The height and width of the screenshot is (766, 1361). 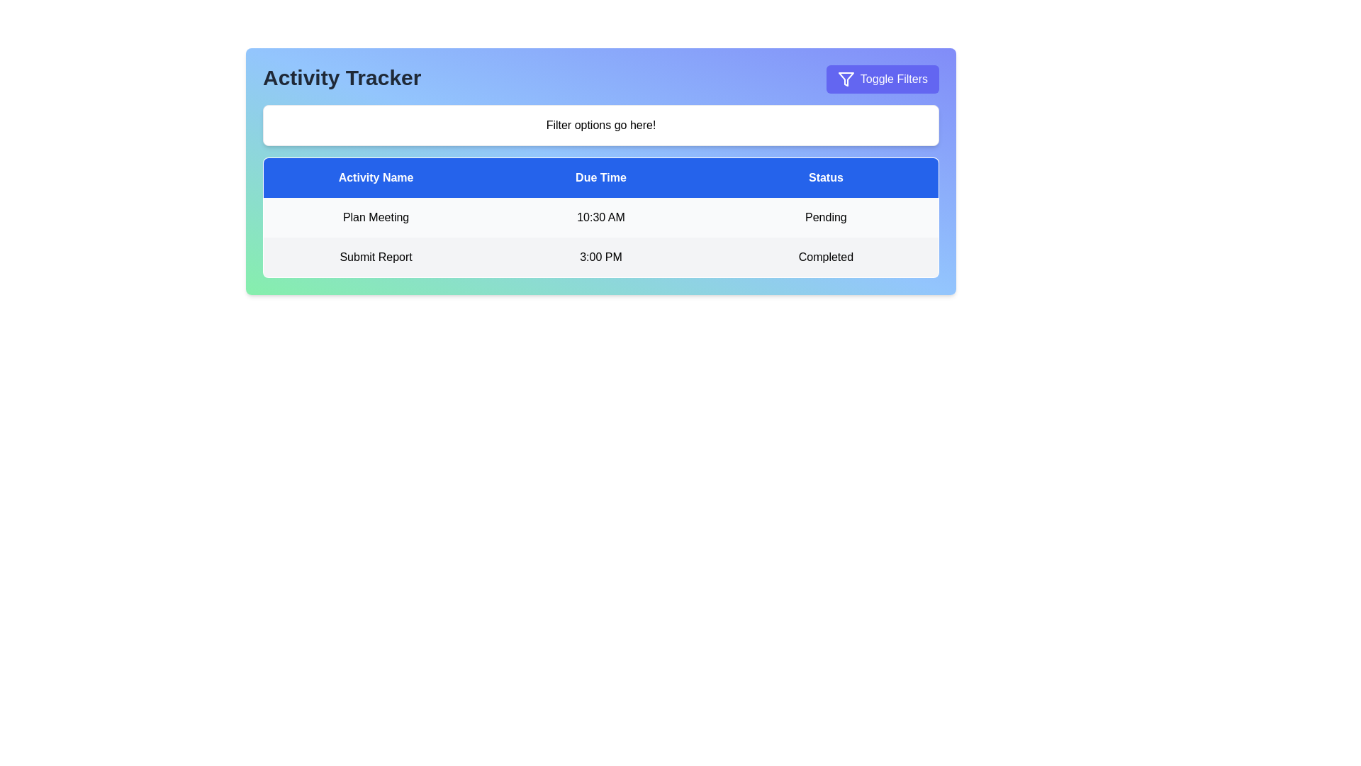 I want to click on the second row of the activity table, so click(x=601, y=257).